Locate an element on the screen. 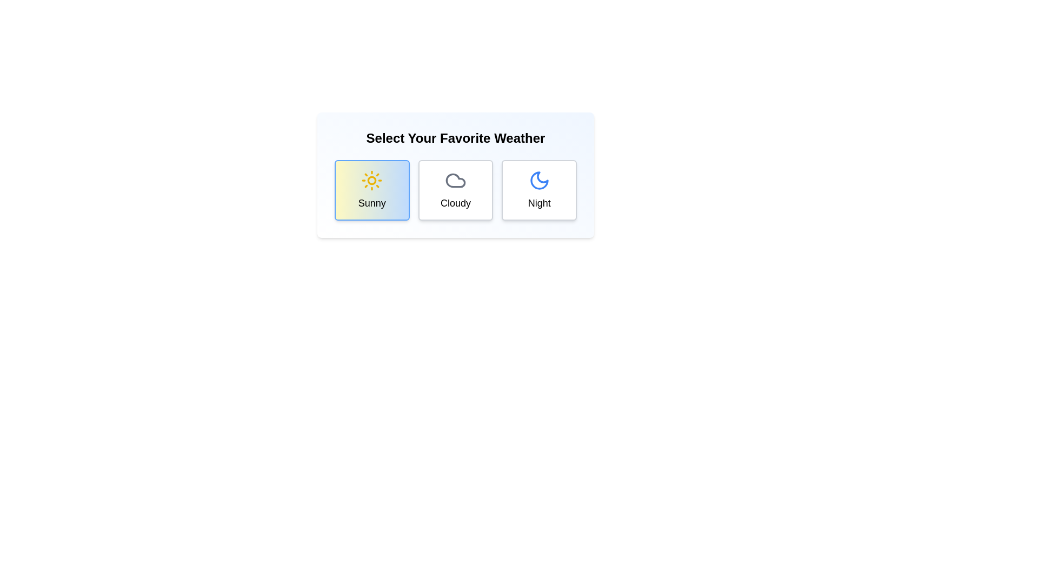 Image resolution: width=1038 pixels, height=584 pixels. any weather card in the interactive card group is located at coordinates (456, 175).